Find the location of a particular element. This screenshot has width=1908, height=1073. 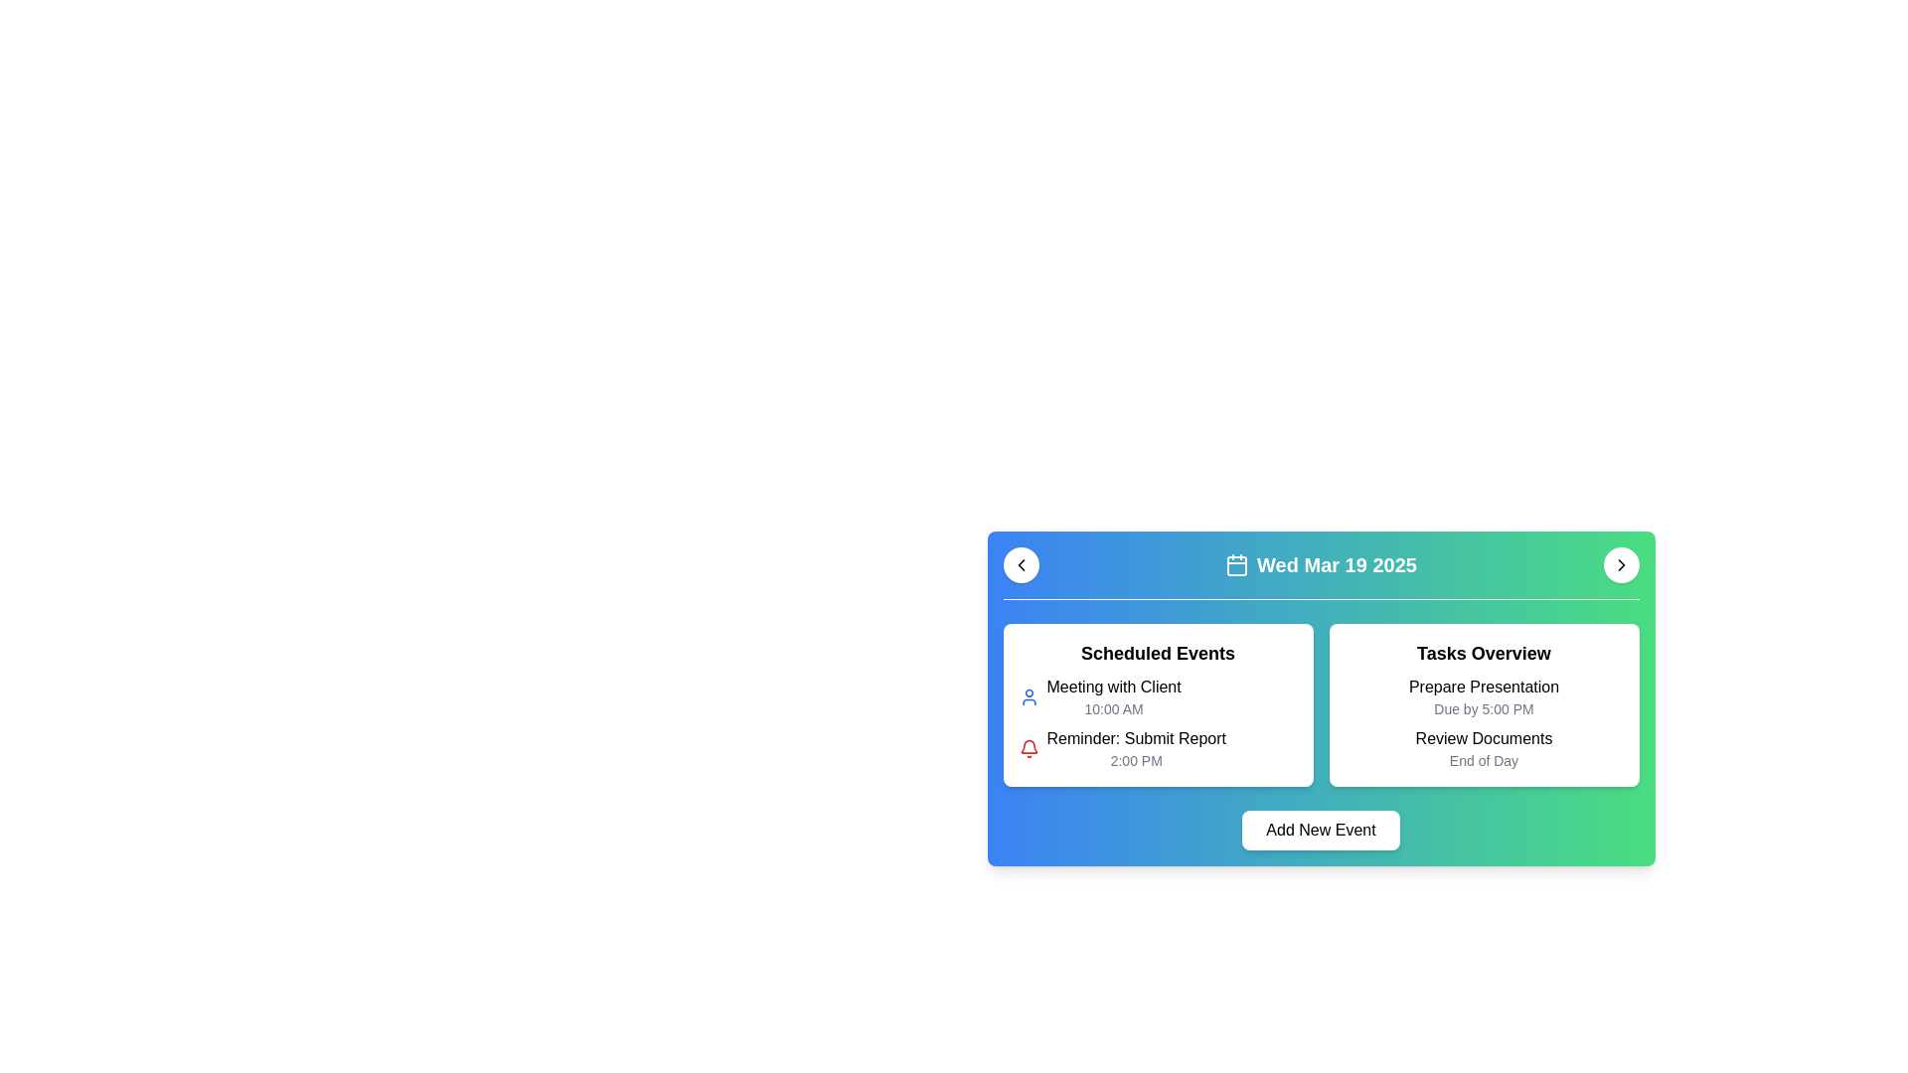

the 'Add New Event' button is located at coordinates (1321, 831).